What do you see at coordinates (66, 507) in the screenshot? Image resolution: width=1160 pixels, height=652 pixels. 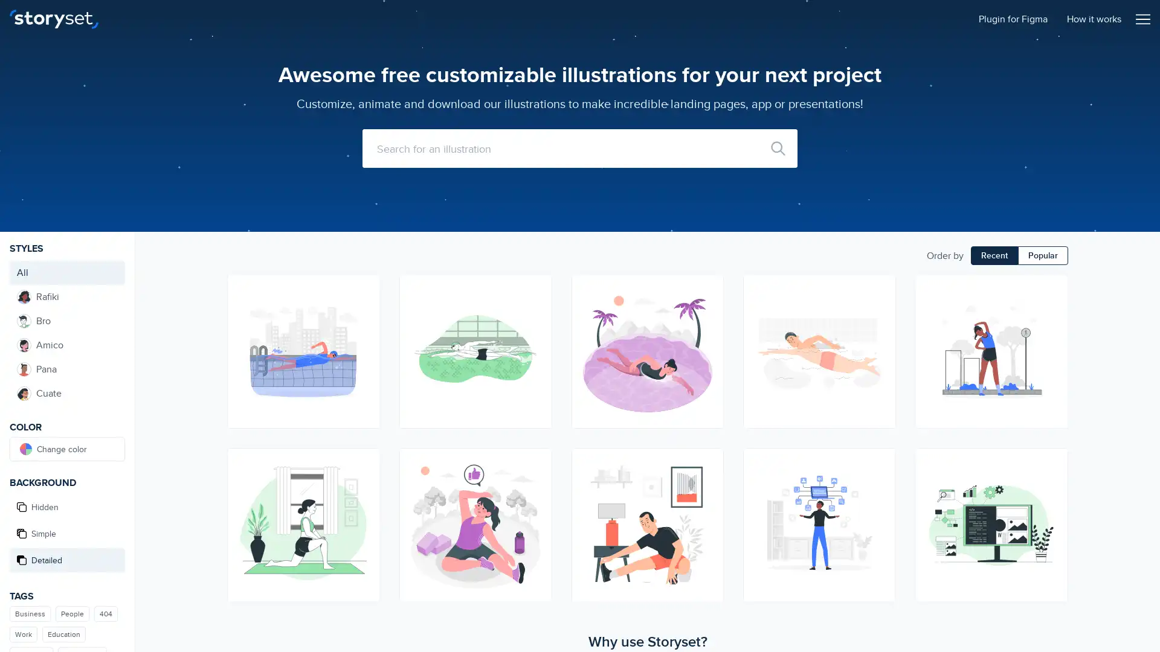 I see `Hidden` at bounding box center [66, 507].